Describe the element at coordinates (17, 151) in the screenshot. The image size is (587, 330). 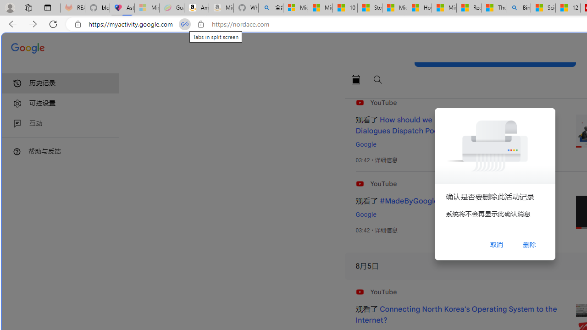
I see `'Class: DTiKkd NMm5M'` at that location.